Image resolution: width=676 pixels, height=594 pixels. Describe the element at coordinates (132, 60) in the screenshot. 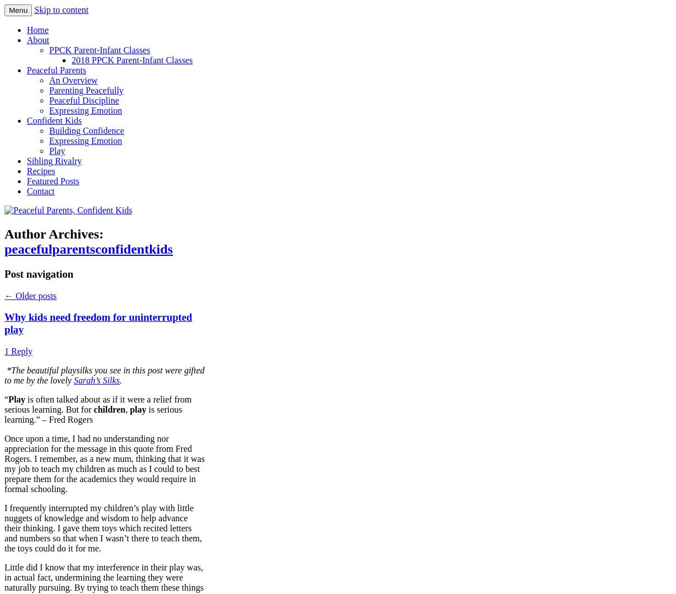

I see `'2018 PPCK Parent-Infant Classes'` at that location.